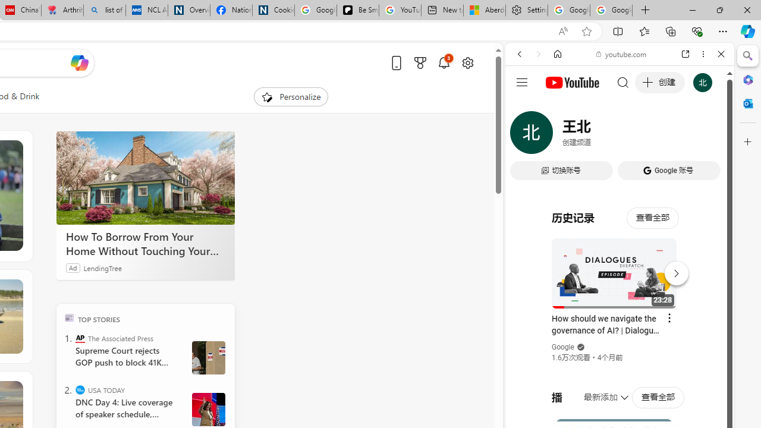 The width and height of the screenshot is (761, 428). What do you see at coordinates (747, 79) in the screenshot?
I see `'Microsoft 365'` at bounding box center [747, 79].